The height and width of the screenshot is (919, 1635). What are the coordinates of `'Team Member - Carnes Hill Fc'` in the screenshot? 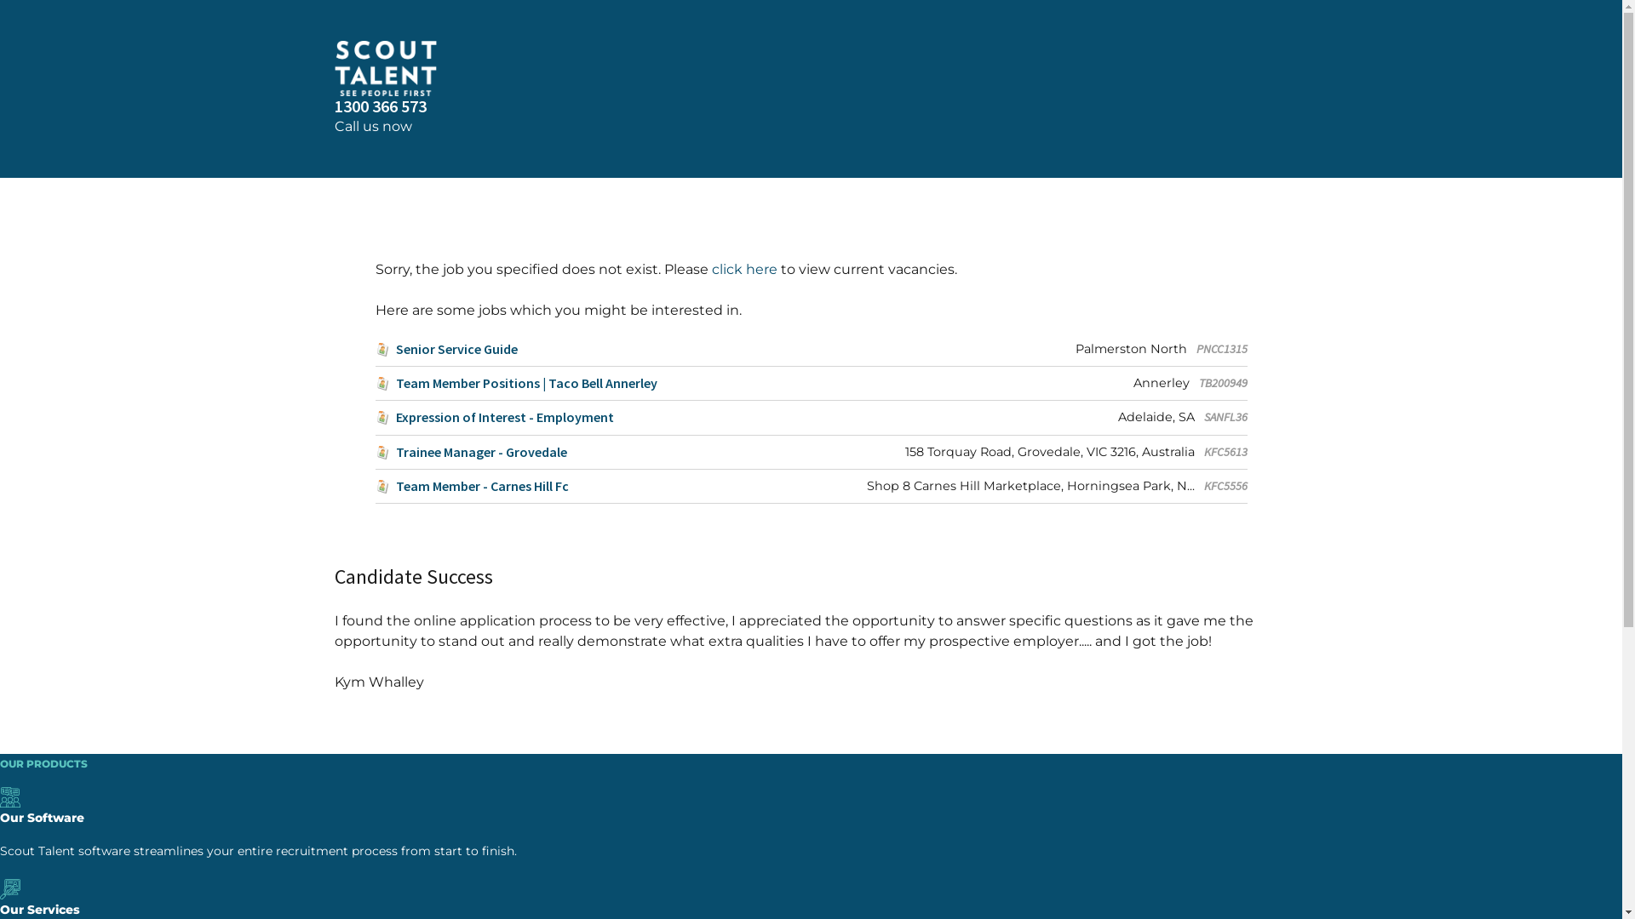 It's located at (471, 486).